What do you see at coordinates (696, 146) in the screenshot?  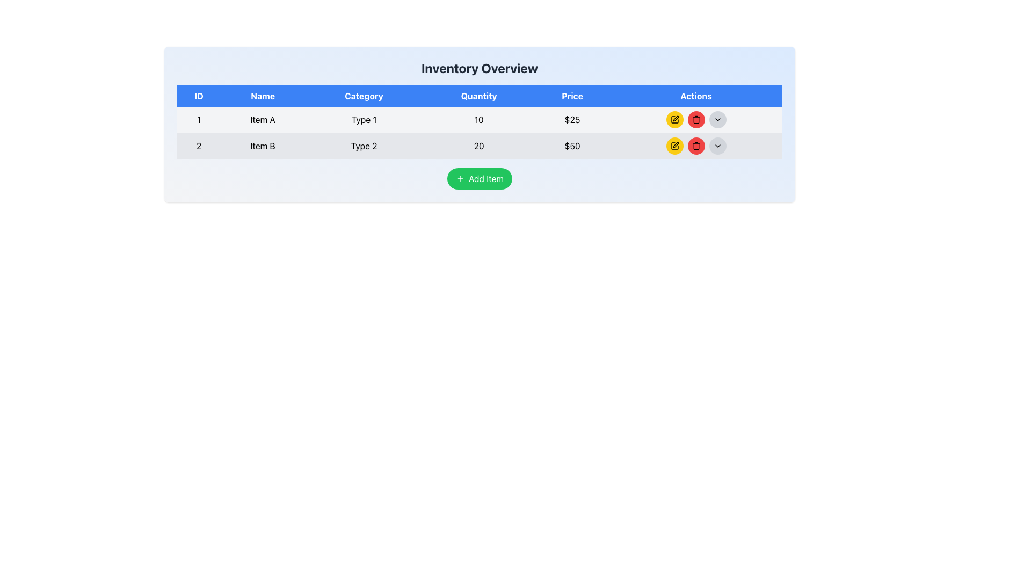 I see `the delete icon button in the Actions column of the second row of the table` at bounding box center [696, 146].